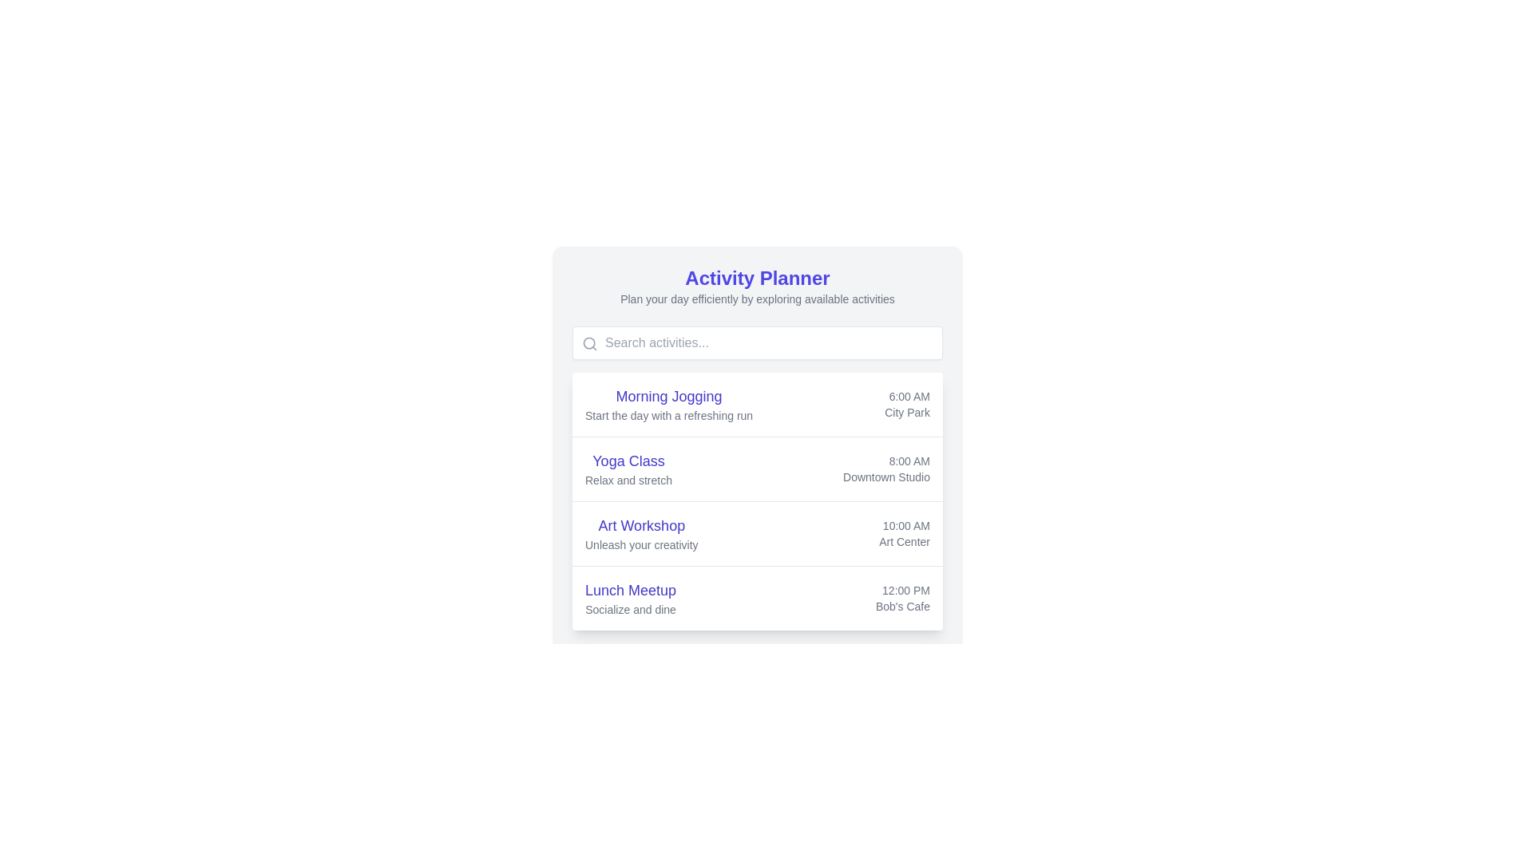 This screenshot has width=1533, height=862. Describe the element at coordinates (757, 532) in the screenshot. I see `the list item titled 'Art Workshop'` at that location.